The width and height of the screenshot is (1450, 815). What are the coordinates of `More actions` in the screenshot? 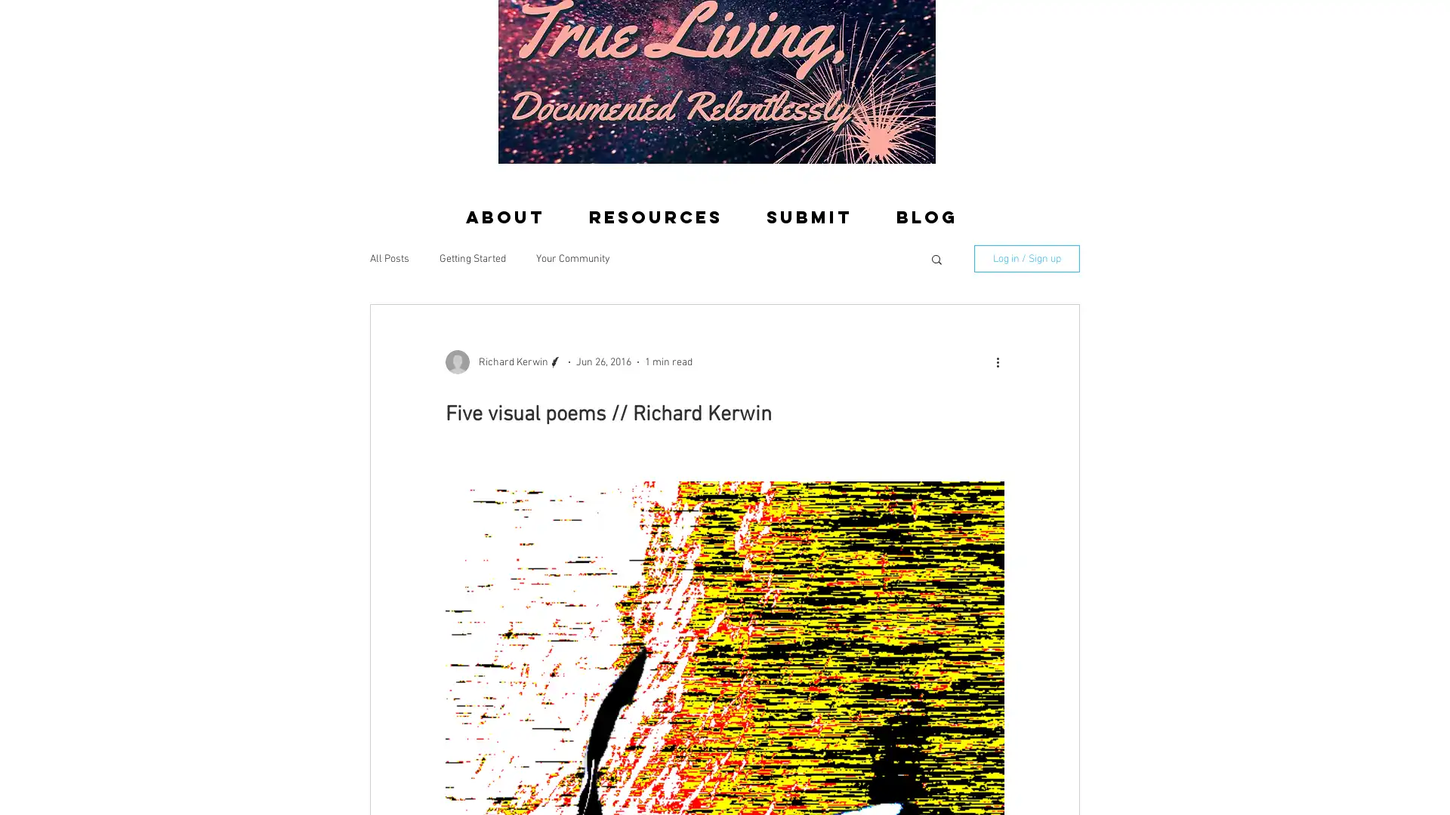 It's located at (1002, 361).